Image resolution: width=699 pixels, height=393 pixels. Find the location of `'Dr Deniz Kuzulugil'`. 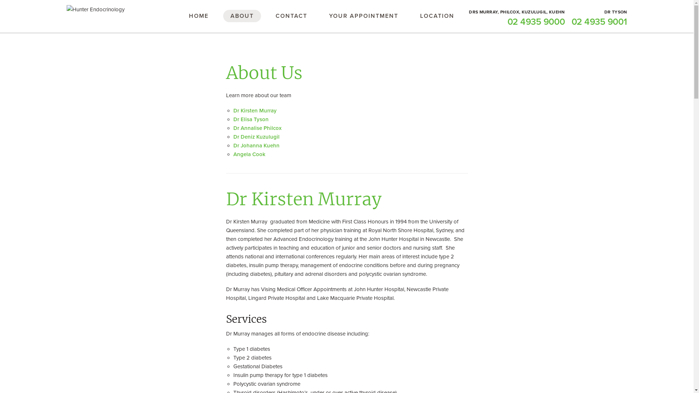

'Dr Deniz Kuzulugil' is located at coordinates (256, 136).